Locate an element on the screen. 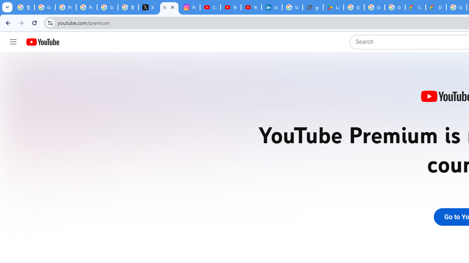 This screenshot has height=263, width=469. 'Google Workspace - Specific Terms' is located at coordinates (374, 7).